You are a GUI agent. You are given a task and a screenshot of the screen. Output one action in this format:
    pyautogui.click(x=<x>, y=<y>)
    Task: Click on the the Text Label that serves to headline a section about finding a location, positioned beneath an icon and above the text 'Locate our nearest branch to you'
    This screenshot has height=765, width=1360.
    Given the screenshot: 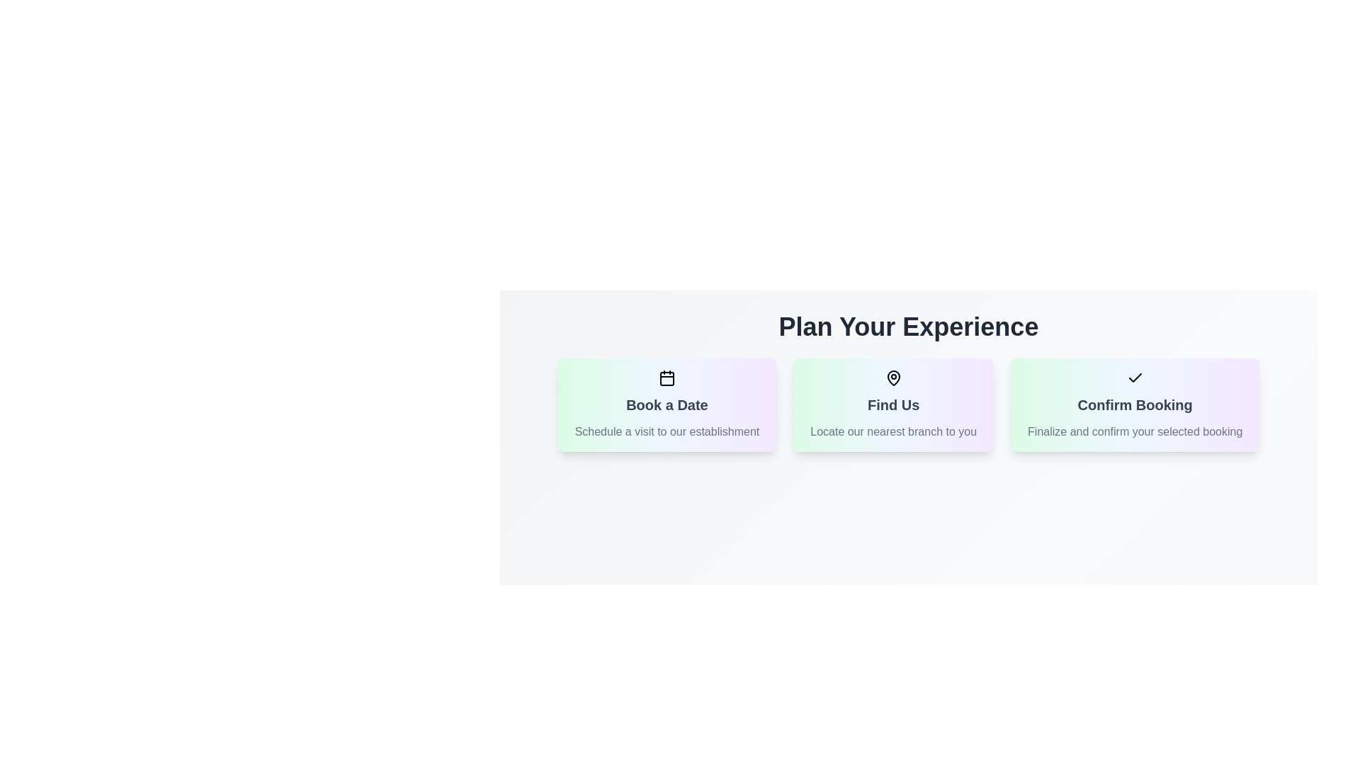 What is the action you would take?
    pyautogui.click(x=892, y=404)
    